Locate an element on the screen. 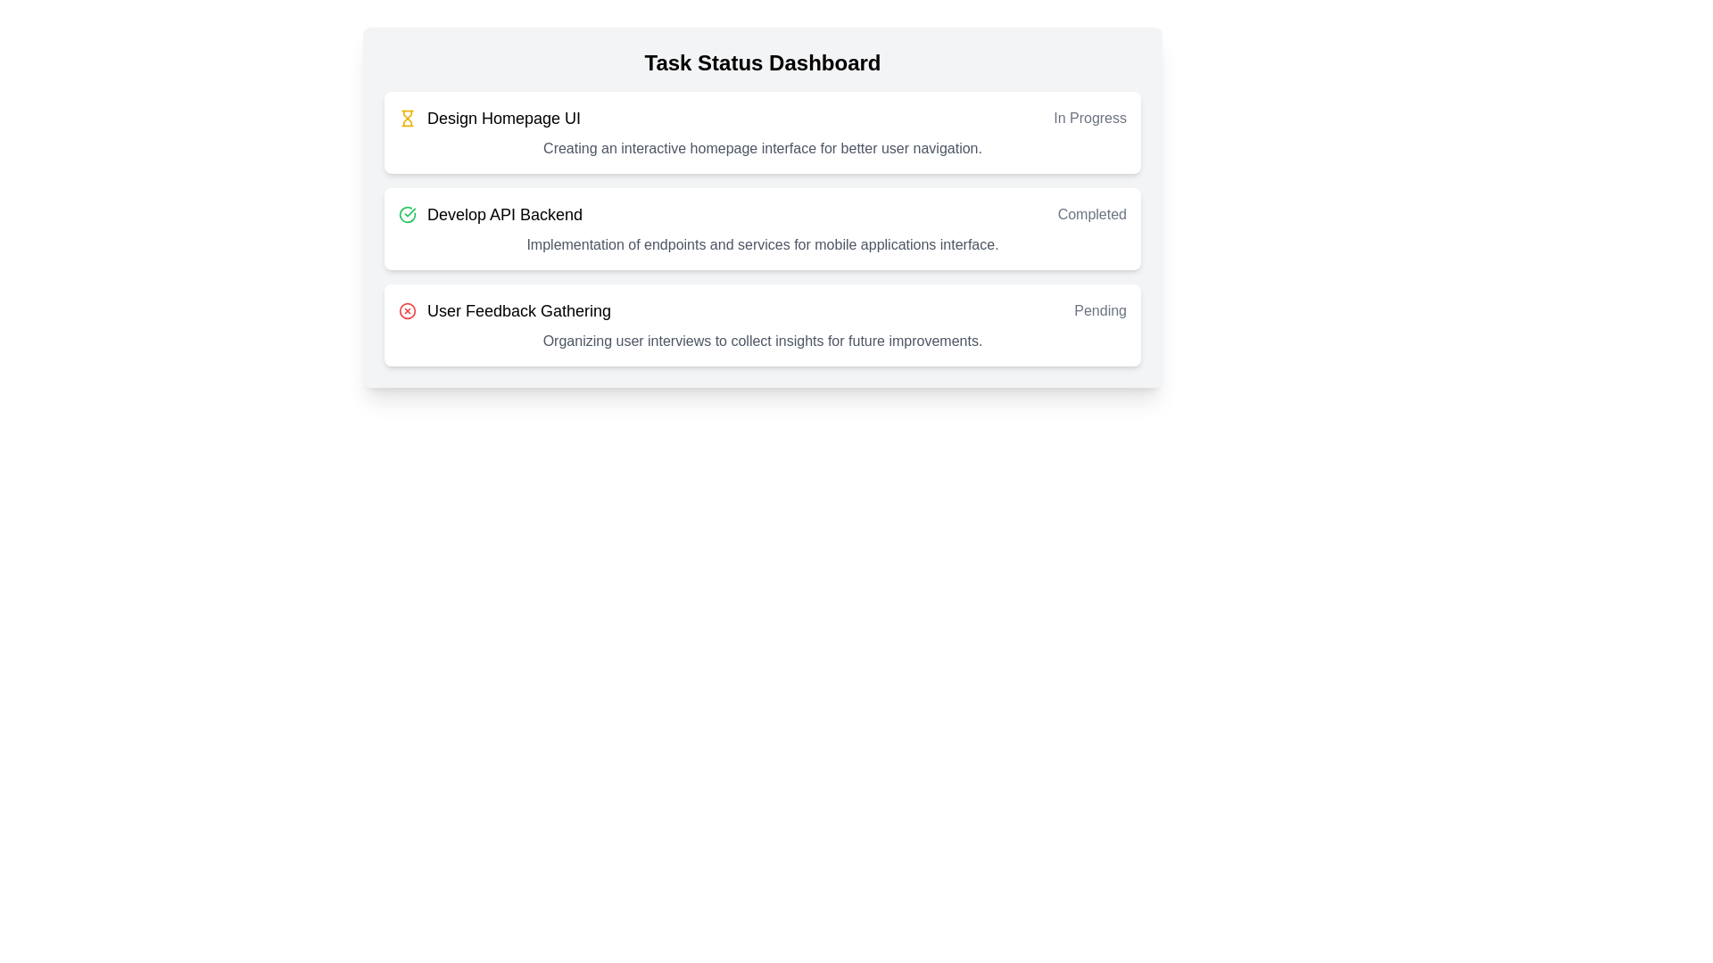  the 'Design Homepage UI' text label with the adjacent yellow hourglass icon is located at coordinates (490, 118).